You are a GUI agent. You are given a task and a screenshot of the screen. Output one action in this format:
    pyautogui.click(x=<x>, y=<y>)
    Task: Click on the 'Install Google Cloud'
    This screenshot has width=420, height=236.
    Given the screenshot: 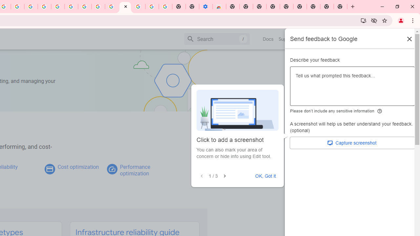 What is the action you would take?
    pyautogui.click(x=363, y=20)
    